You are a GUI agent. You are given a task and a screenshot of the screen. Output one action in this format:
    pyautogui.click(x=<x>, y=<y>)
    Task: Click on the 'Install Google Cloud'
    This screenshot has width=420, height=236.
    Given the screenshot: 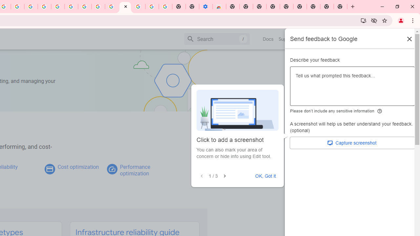 What is the action you would take?
    pyautogui.click(x=363, y=20)
    